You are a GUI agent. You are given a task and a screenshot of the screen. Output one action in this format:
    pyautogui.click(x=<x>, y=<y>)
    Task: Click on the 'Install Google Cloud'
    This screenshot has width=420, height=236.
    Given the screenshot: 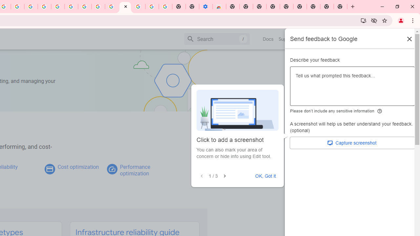 What is the action you would take?
    pyautogui.click(x=363, y=20)
    